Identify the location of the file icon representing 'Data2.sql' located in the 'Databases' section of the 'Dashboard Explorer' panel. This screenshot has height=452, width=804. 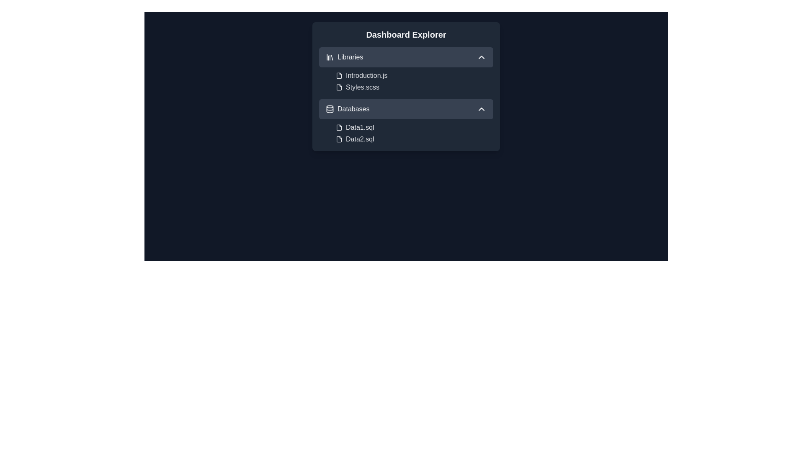
(339, 139).